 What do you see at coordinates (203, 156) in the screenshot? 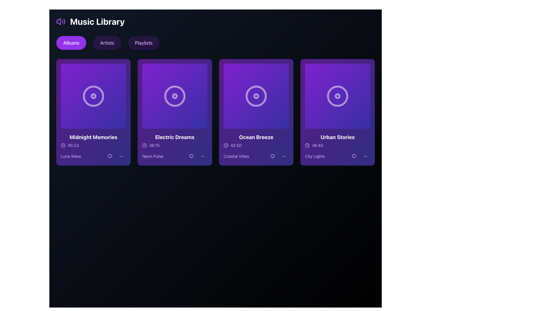
I see `the three-dot vertical ellipsis icon styled in purple tones, located within the interactive circular button at the bottom-right corner of the 'Electric Dreams' album card` at bounding box center [203, 156].